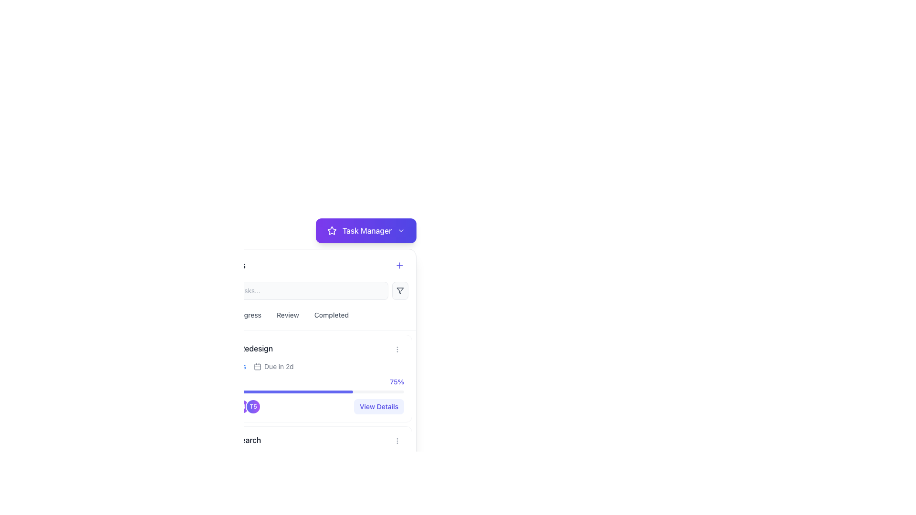 The image size is (916, 515). I want to click on the visual identifier icon located in the top middle of the interface, which is part of the rectangular purple button labeled 'Task Manager', so click(332, 230).